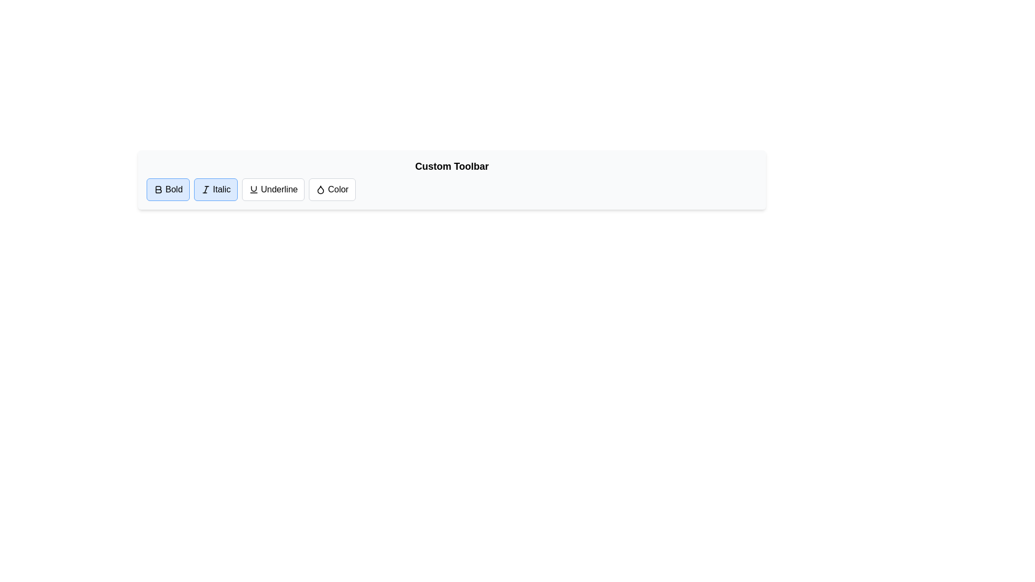  I want to click on the 'Color' button with a water droplet icon, so click(332, 189).